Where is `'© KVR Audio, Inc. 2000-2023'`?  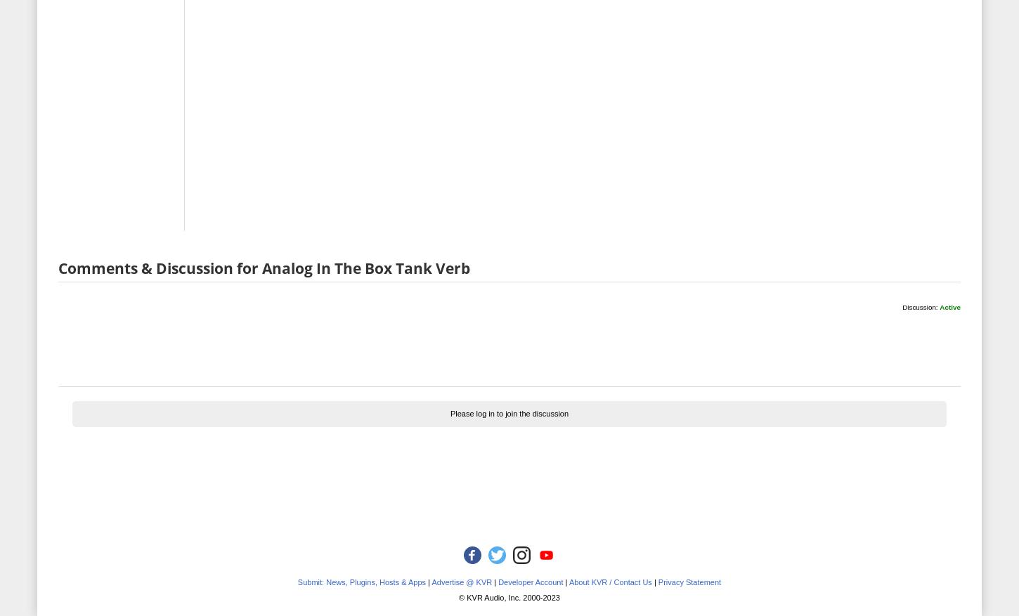
'© KVR Audio, Inc. 2000-2023' is located at coordinates (508, 596).